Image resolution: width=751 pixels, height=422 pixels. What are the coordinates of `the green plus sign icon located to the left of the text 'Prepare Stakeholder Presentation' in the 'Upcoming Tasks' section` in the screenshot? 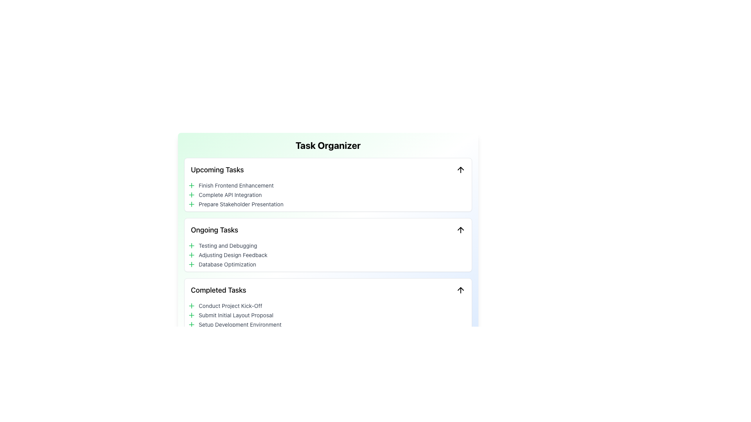 It's located at (191, 204).